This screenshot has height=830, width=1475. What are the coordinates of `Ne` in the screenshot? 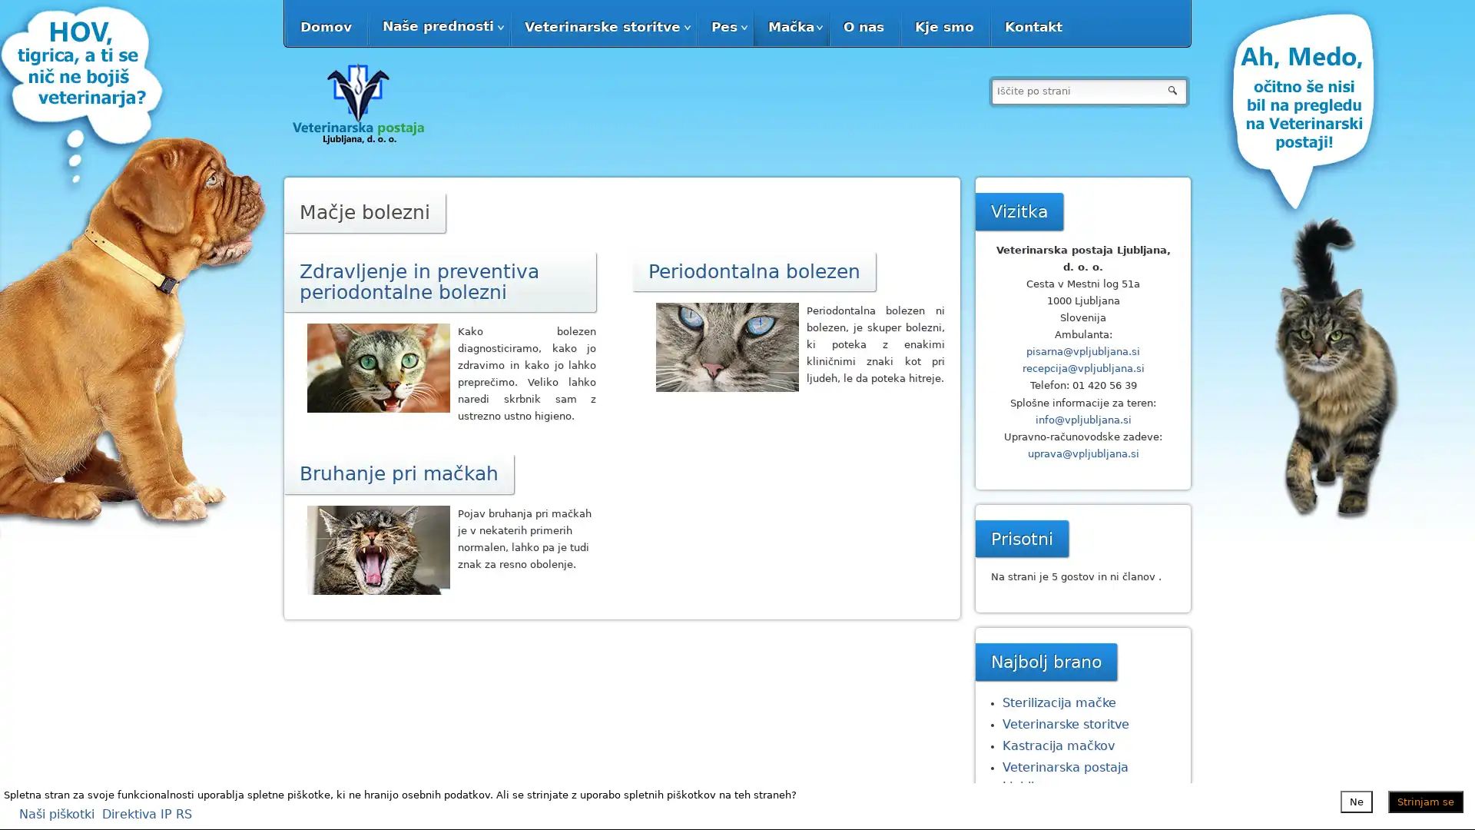 It's located at (1357, 800).